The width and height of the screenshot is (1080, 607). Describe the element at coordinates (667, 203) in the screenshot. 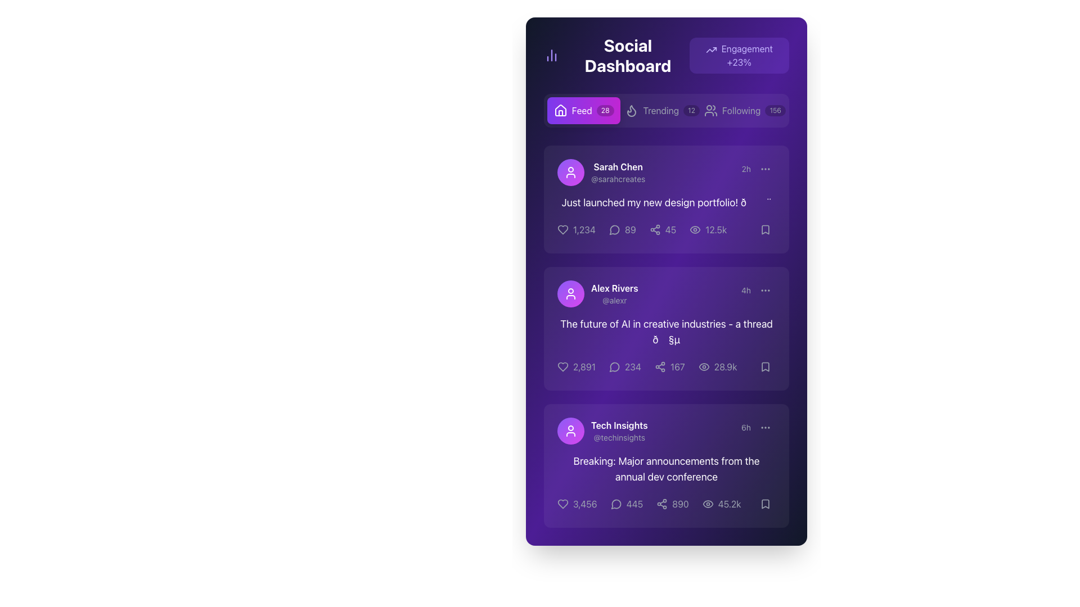

I see `the text label displaying 'Just launched my new design portfolio! 🎨', which is styled in white text on a purple background, located in the user's post section beneath 'Sarah Chen'` at that location.